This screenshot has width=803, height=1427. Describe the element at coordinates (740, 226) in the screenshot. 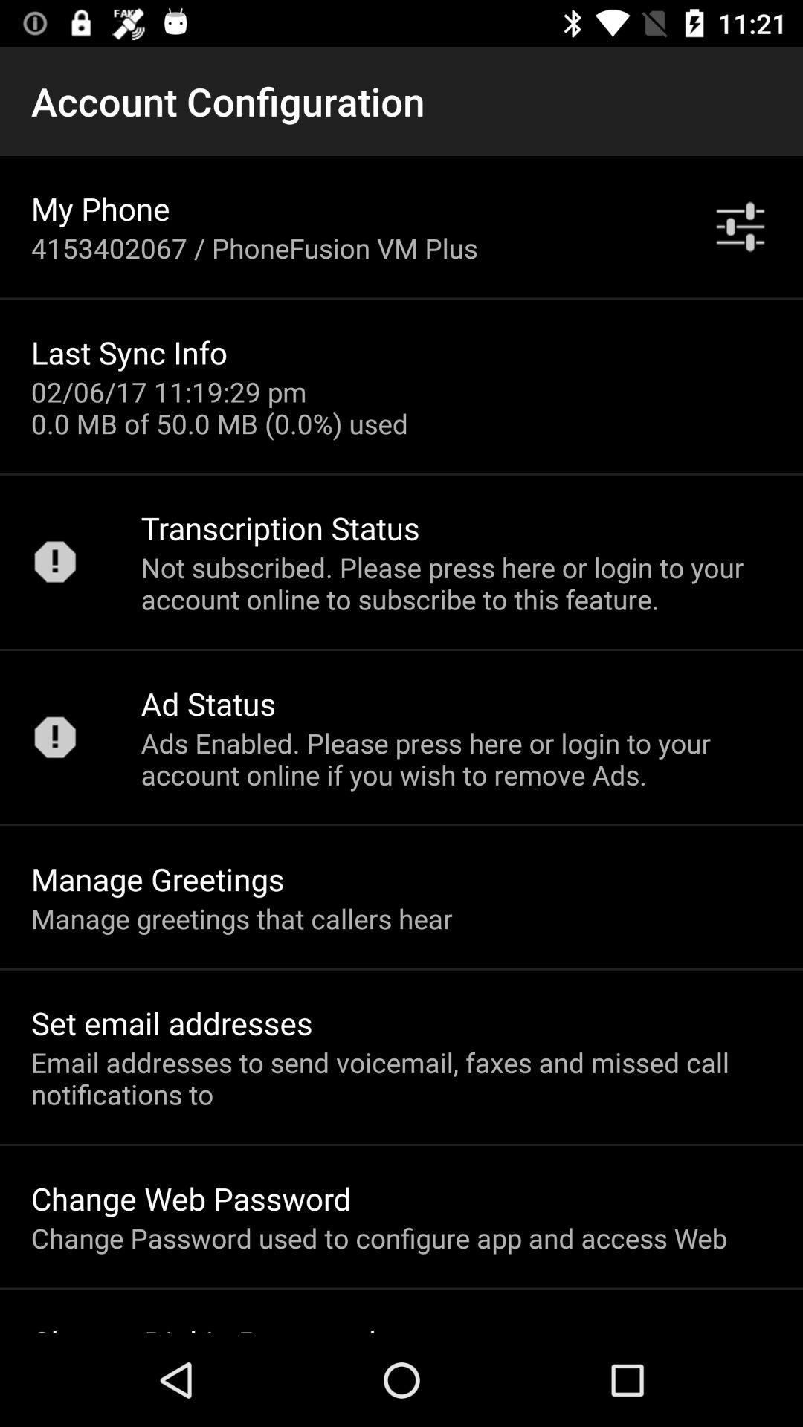

I see `the icon at the top right corner` at that location.